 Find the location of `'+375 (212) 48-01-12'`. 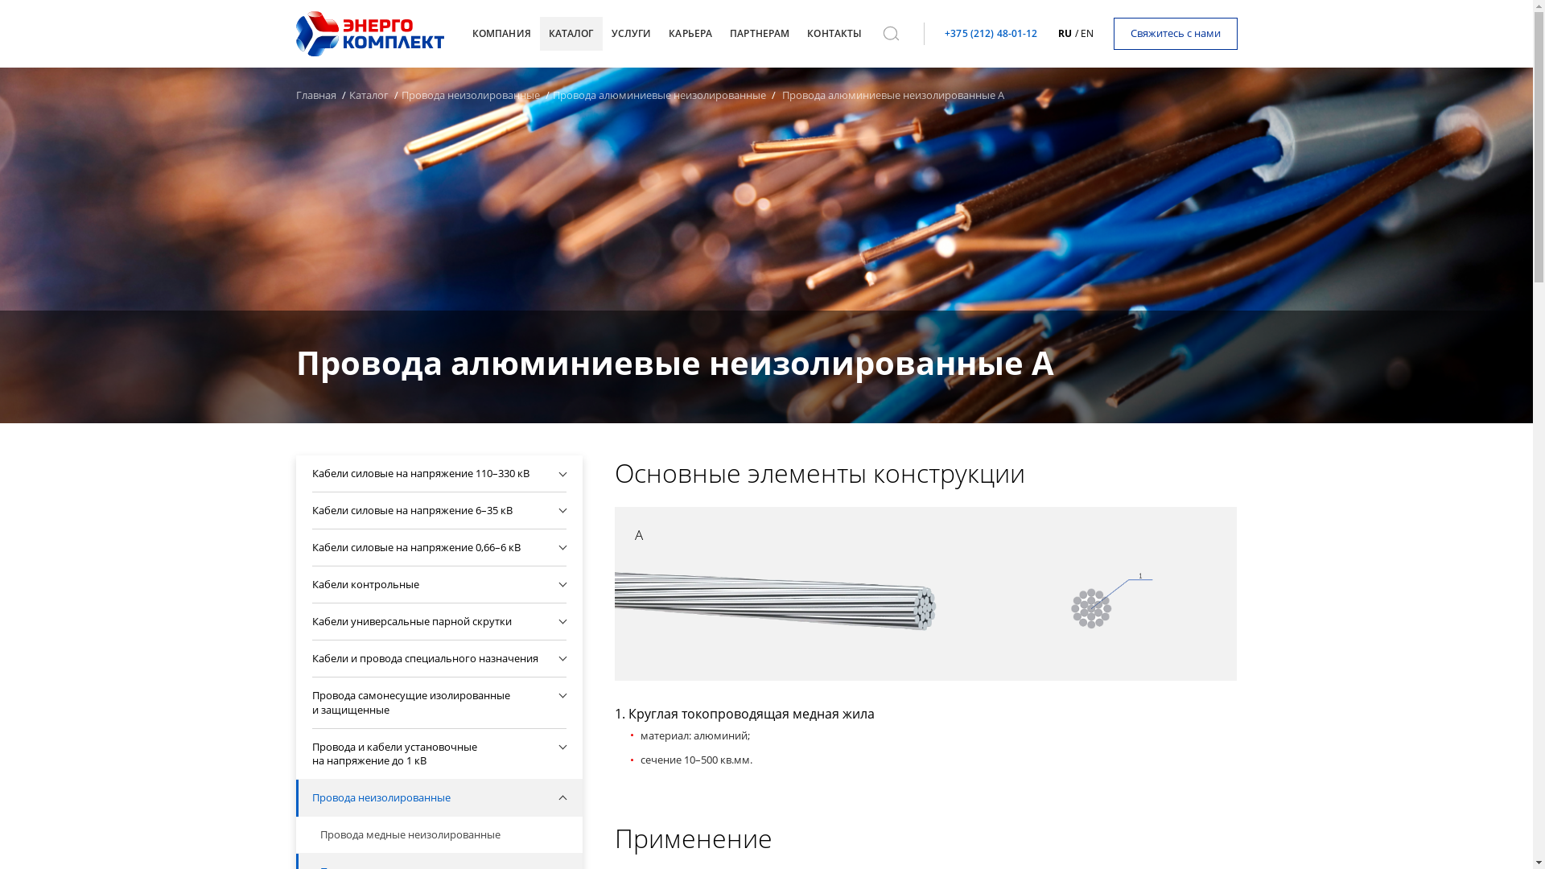

'+375 (212) 48-01-12' is located at coordinates (990, 33).